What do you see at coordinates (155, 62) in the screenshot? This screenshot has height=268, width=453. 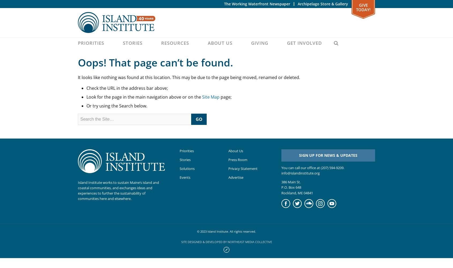 I see `'Oops! That page can’t be found.'` at bounding box center [155, 62].